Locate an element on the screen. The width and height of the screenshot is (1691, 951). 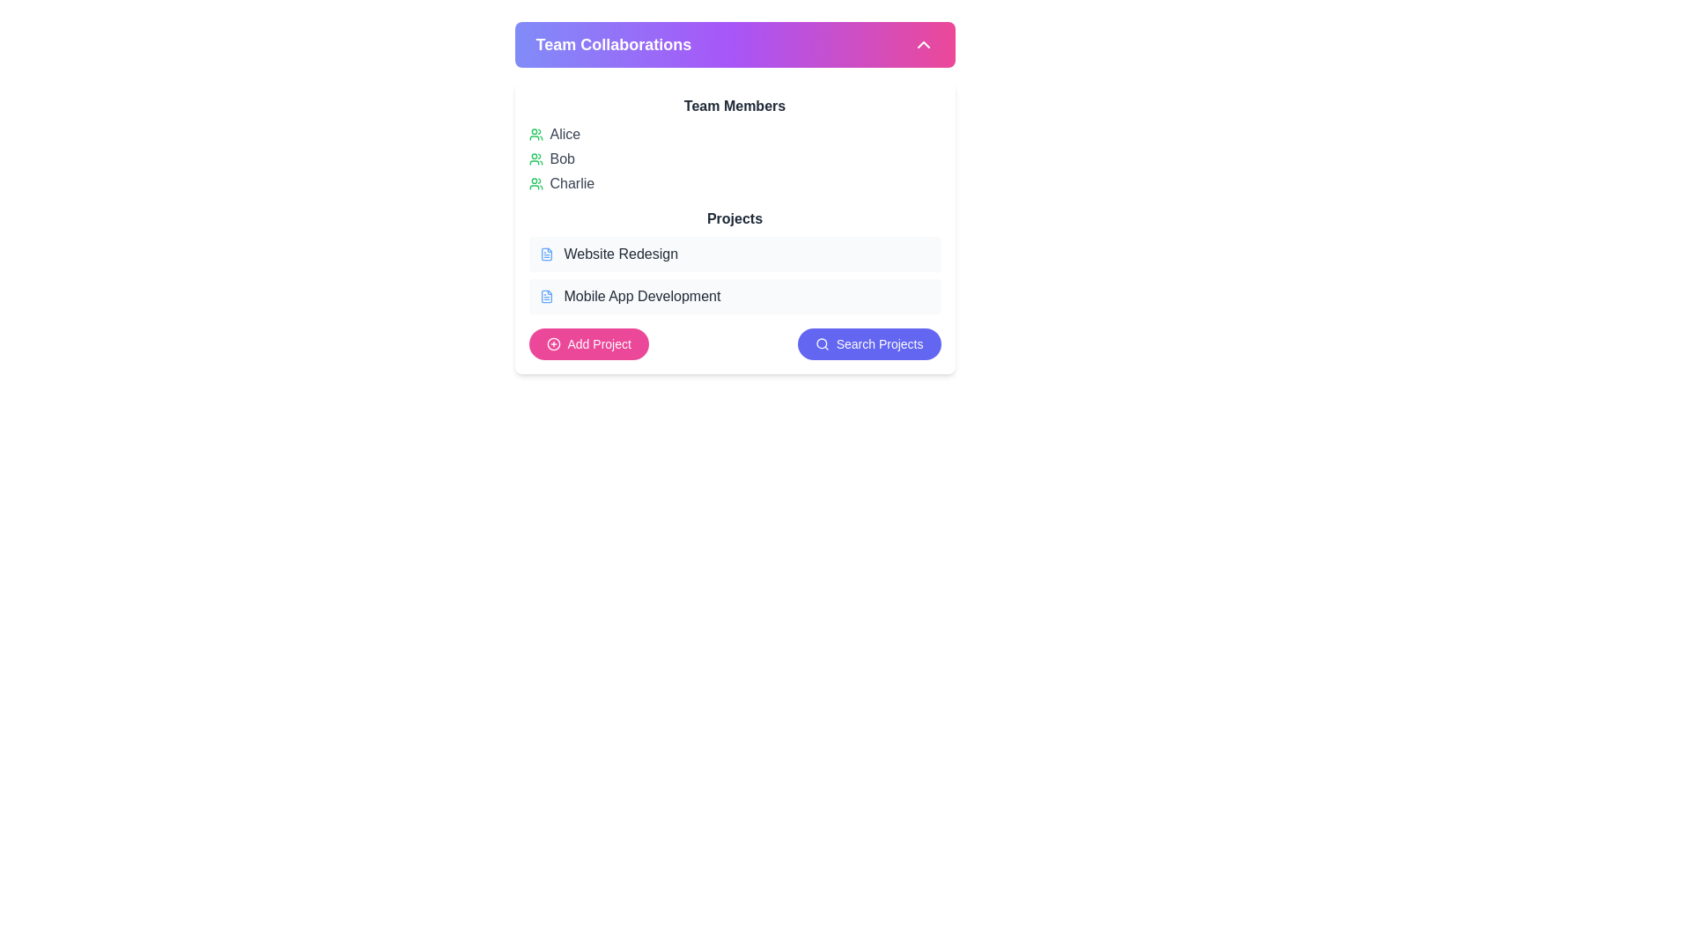
the bold 'Team Members' text label that serves as a section header under 'Team Collaborations' is located at coordinates (735, 106).